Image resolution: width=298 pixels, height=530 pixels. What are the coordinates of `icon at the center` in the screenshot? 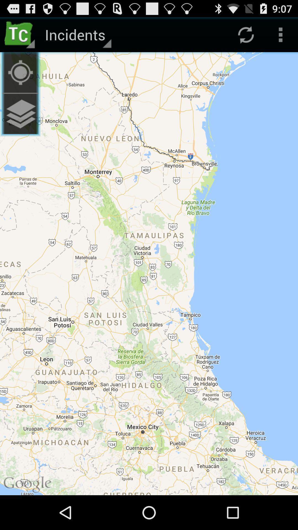 It's located at (149, 274).